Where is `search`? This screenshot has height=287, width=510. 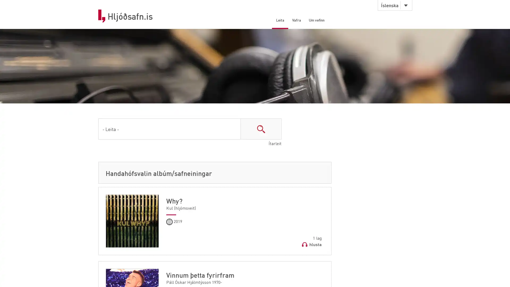
search is located at coordinates (261, 130).